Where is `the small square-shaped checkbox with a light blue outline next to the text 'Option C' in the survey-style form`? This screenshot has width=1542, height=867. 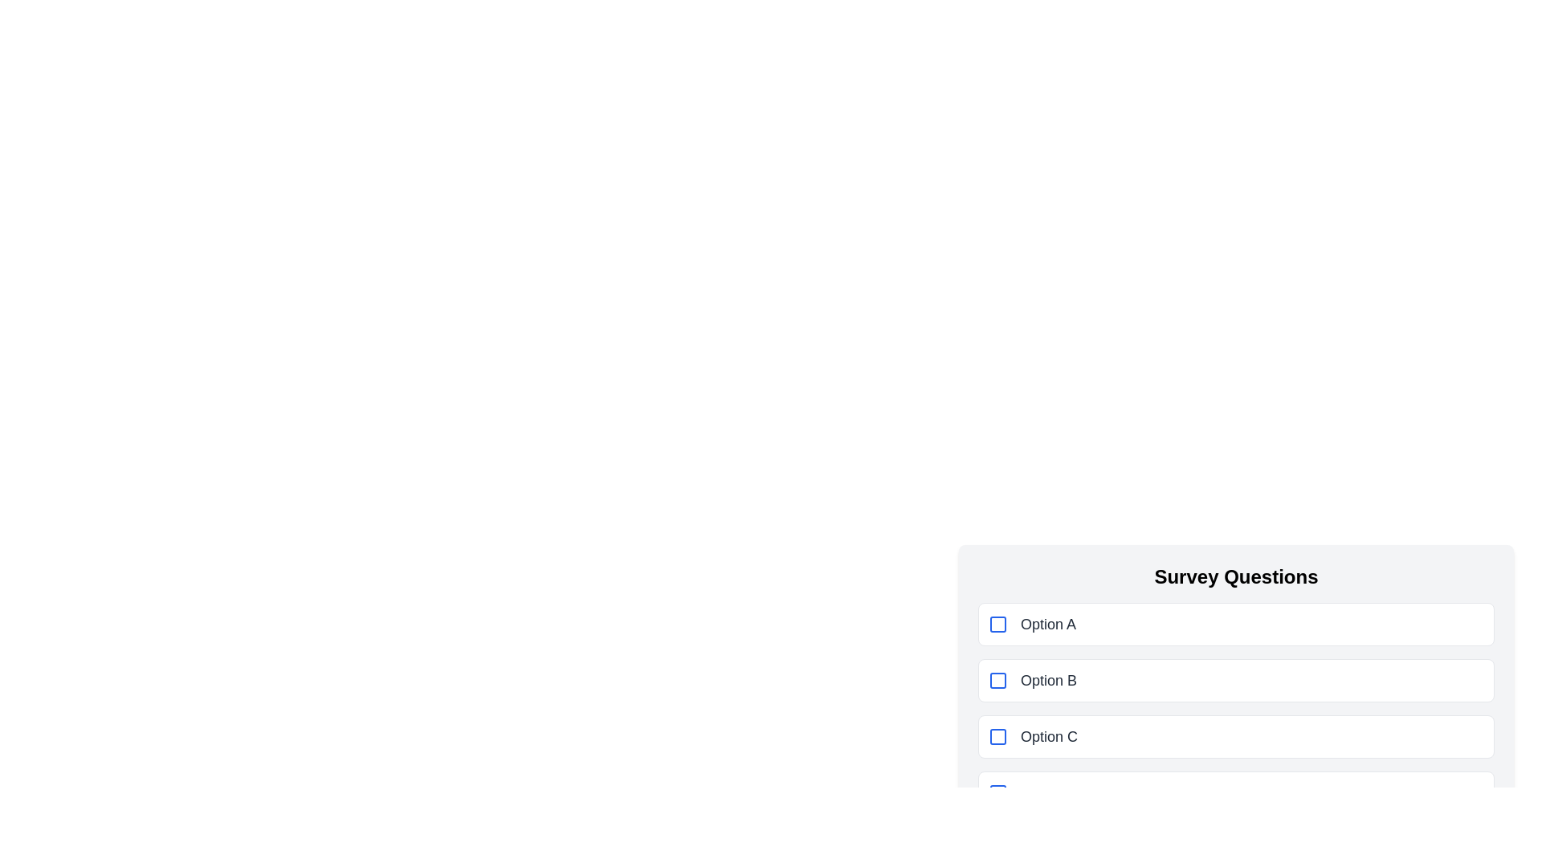 the small square-shaped checkbox with a light blue outline next to the text 'Option C' in the survey-style form is located at coordinates (997, 737).